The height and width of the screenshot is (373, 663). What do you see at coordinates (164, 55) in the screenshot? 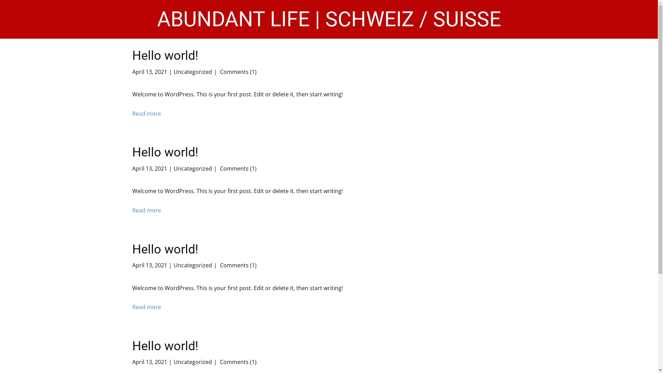
I see `'Hello world!'` at bounding box center [164, 55].